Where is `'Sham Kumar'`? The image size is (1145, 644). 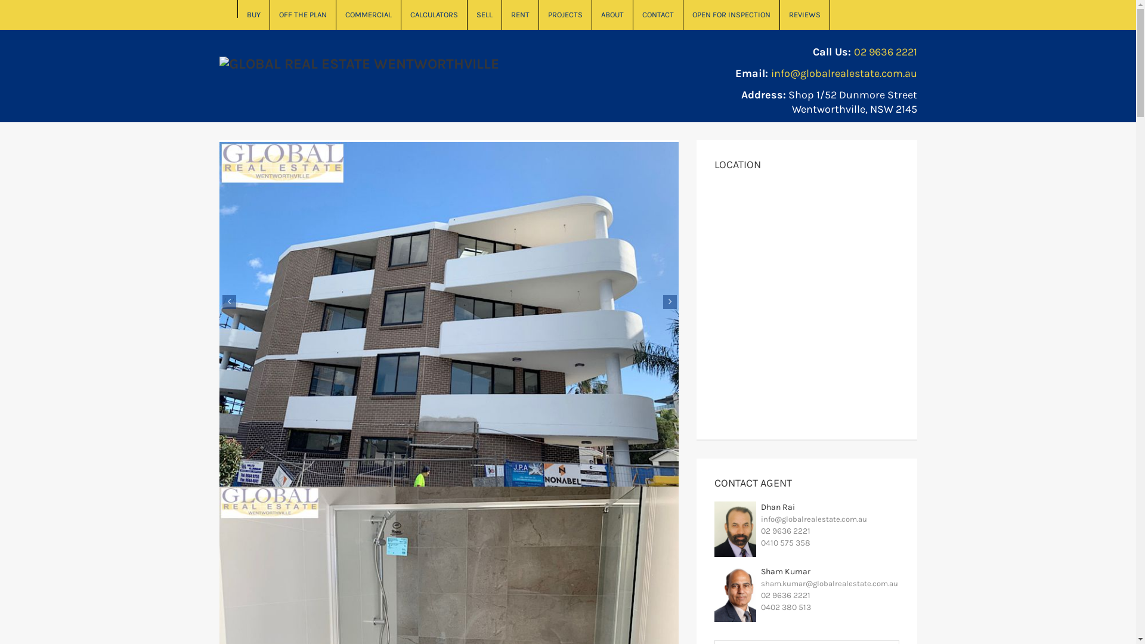 'Sham Kumar' is located at coordinates (785, 571).